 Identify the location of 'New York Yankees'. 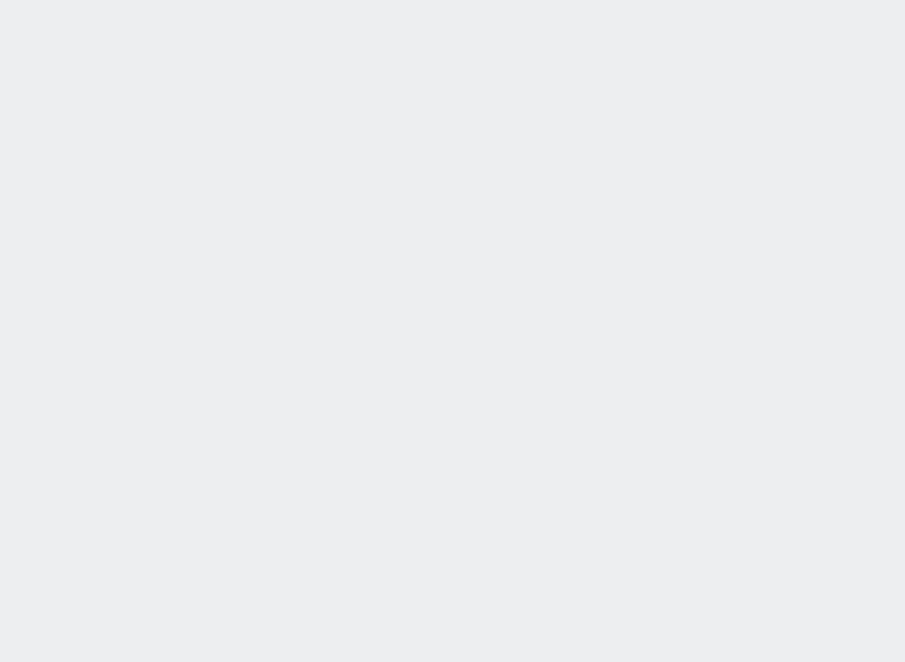
(153, 322).